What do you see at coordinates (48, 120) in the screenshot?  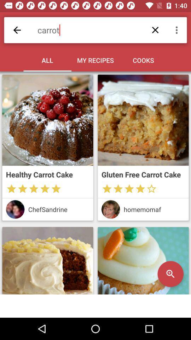 I see `choose recipe` at bounding box center [48, 120].